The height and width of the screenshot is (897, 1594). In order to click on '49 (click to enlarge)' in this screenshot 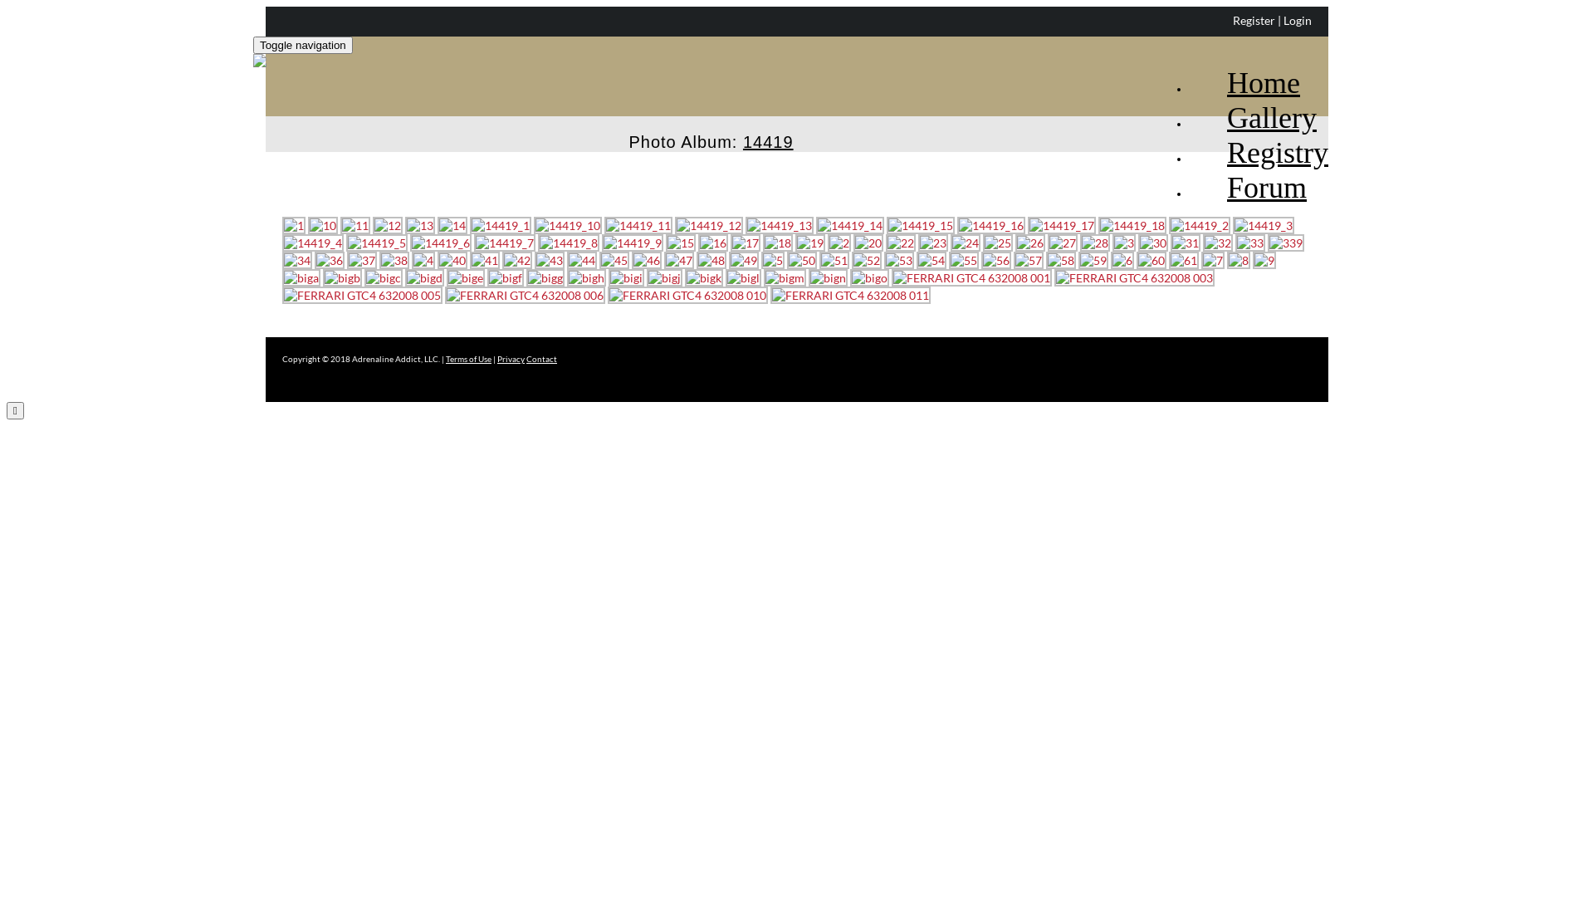, I will do `click(729, 260)`.